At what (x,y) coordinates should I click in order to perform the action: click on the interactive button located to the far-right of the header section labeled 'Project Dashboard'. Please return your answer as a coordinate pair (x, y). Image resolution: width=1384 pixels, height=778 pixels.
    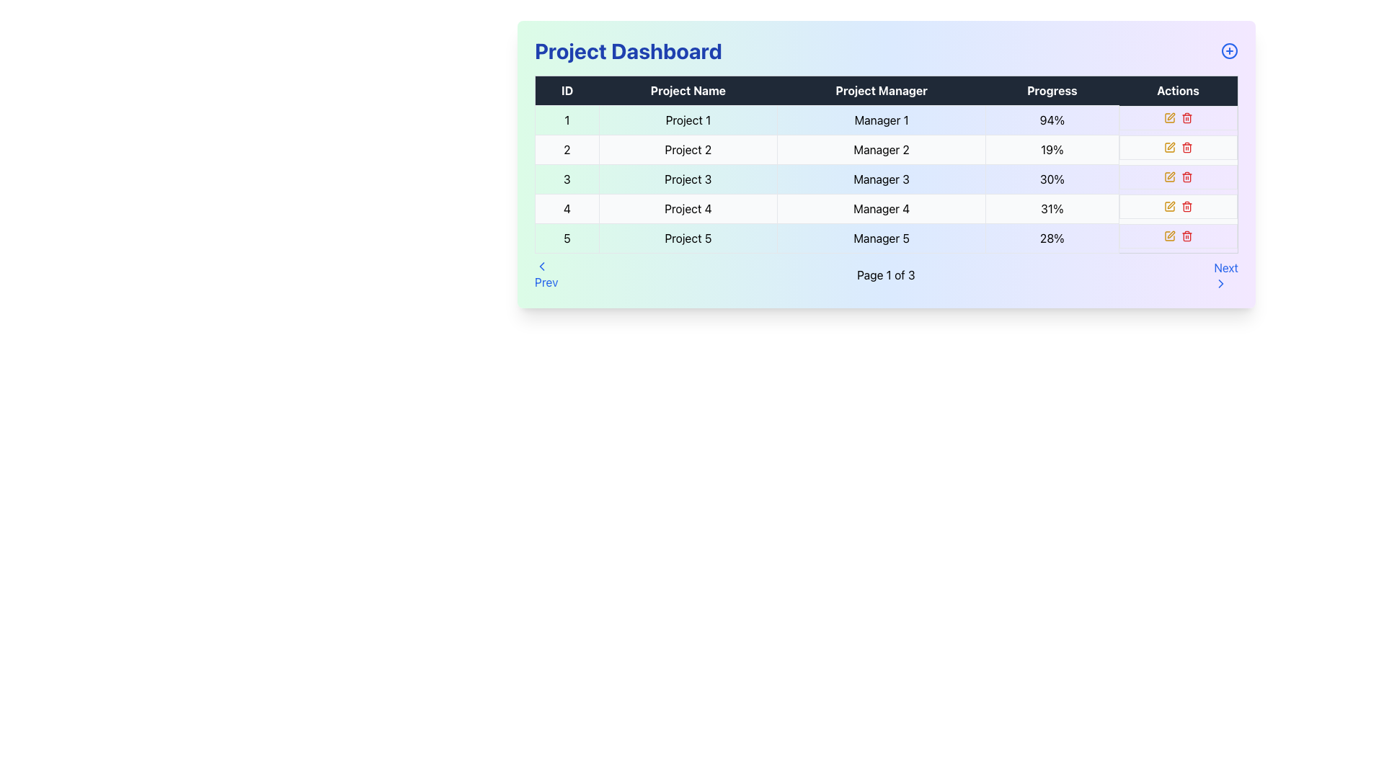
    Looking at the image, I should click on (1228, 50).